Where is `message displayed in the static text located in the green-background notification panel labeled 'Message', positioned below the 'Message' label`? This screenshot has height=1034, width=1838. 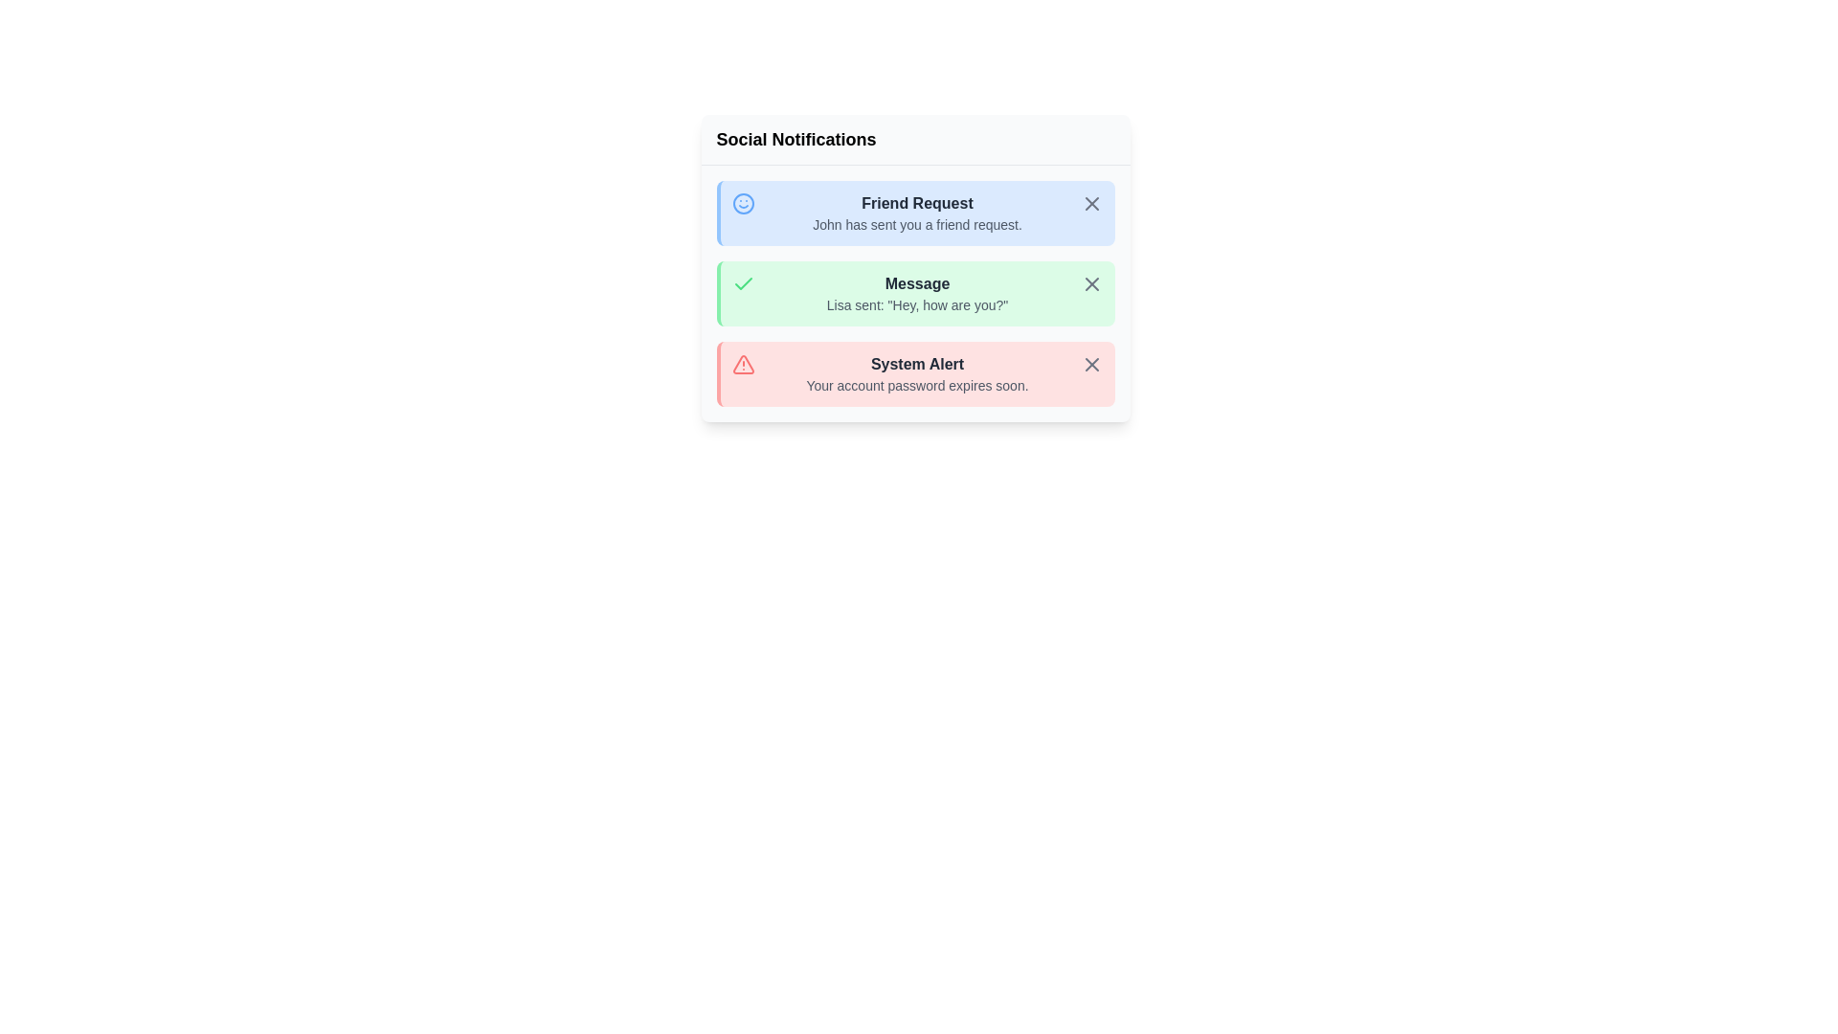
message displayed in the static text located in the green-background notification panel labeled 'Message', positioned below the 'Message' label is located at coordinates (916, 304).